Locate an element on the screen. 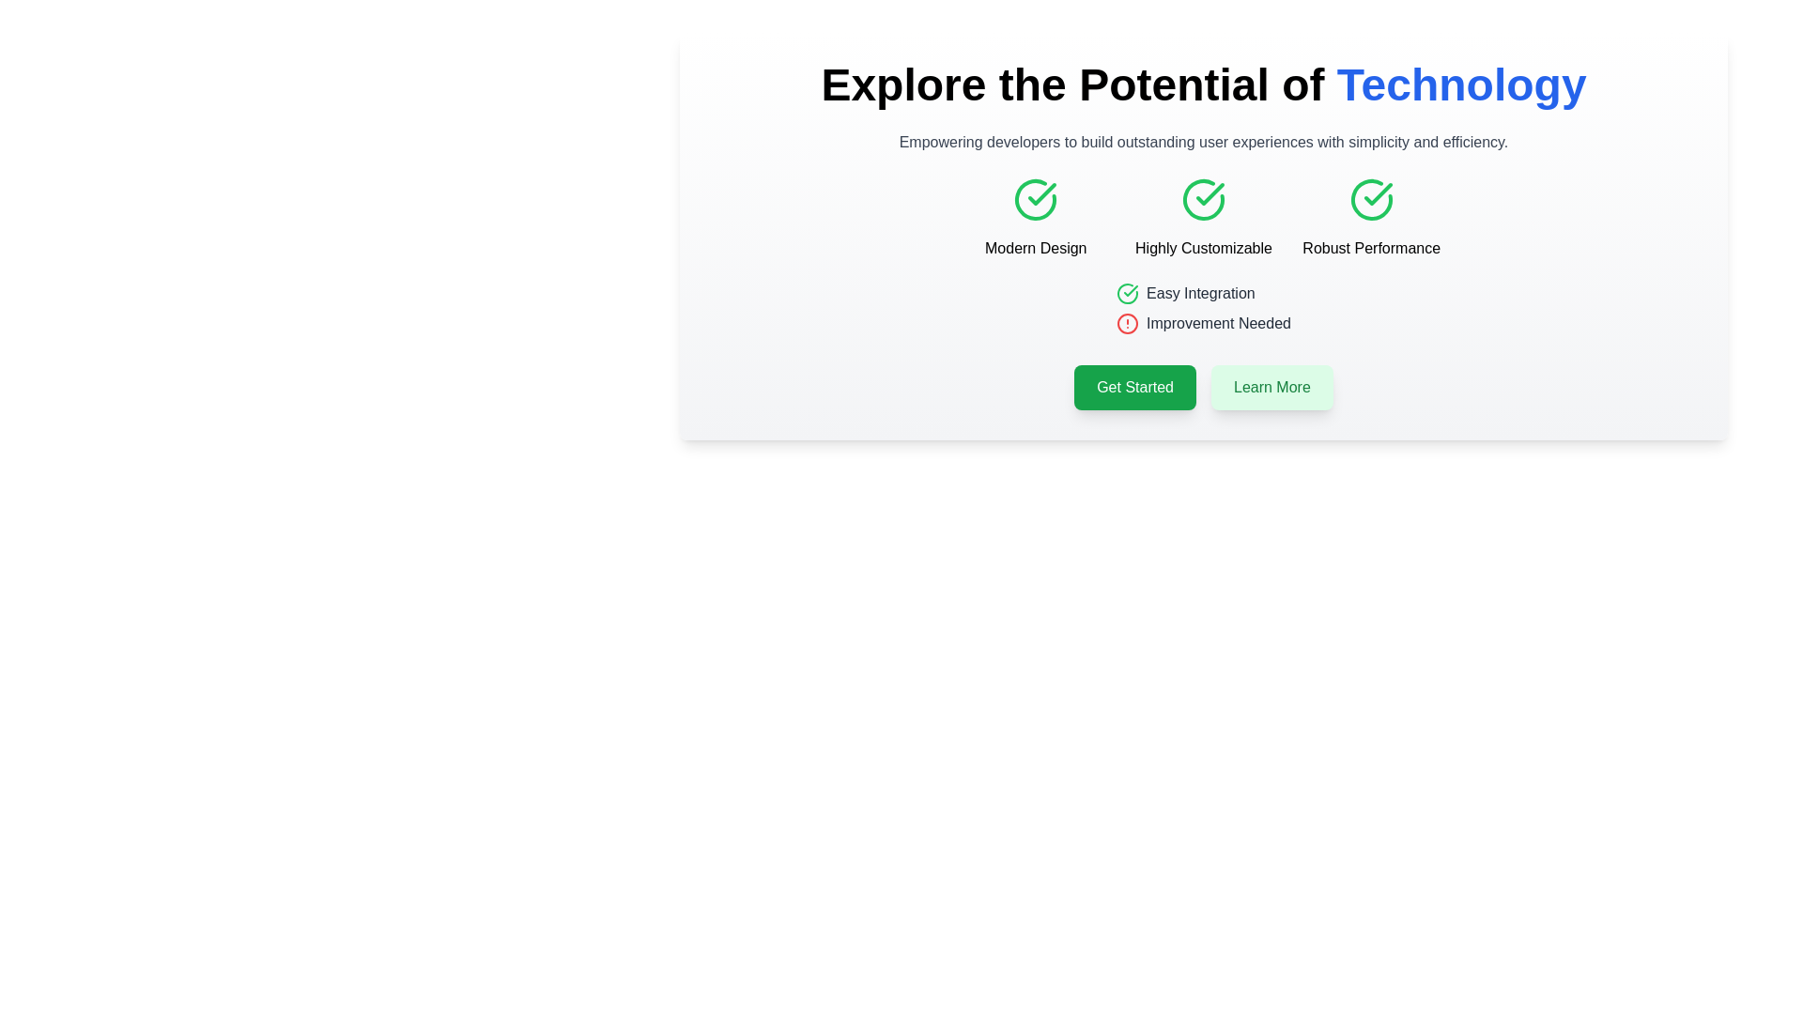  the 'Improvement Needed' label with icon is located at coordinates (1203, 322).